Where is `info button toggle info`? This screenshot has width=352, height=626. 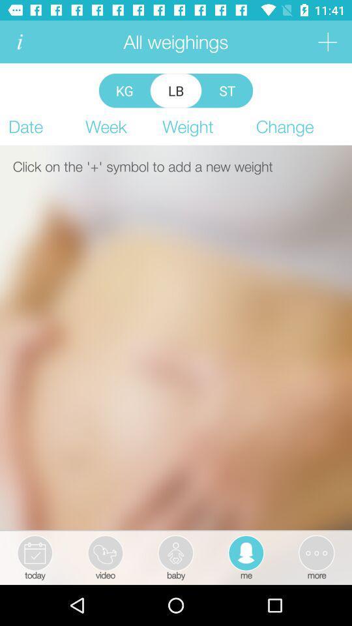
info button toggle info is located at coordinates (19, 42).